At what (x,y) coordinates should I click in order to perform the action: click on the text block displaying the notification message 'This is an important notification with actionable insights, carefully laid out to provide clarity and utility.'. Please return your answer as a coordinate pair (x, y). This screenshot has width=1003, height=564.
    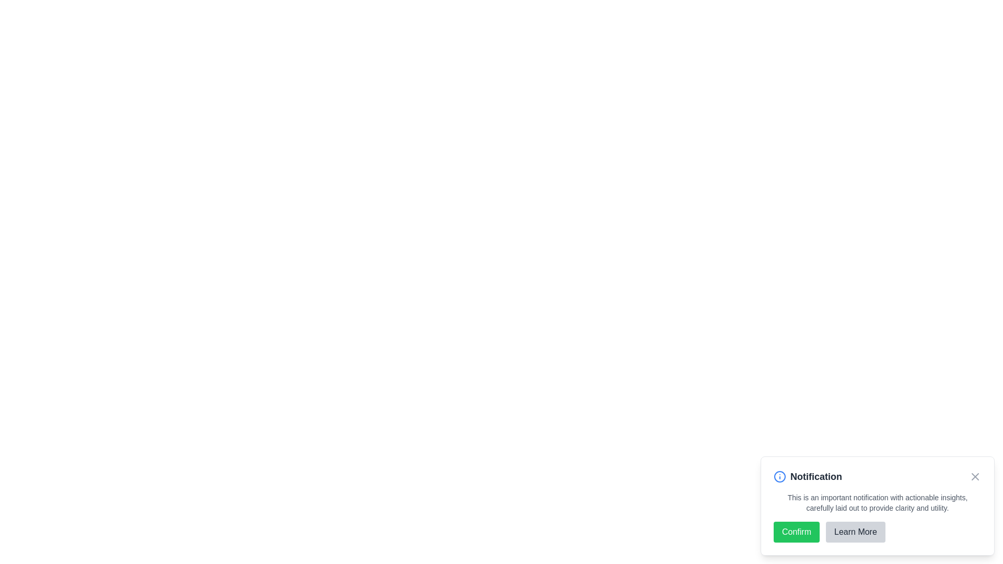
    Looking at the image, I should click on (878, 502).